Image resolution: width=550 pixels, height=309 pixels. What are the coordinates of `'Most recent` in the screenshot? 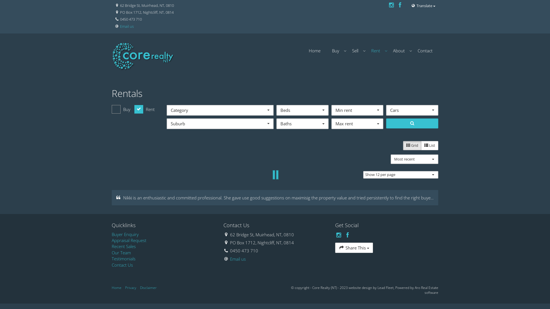 It's located at (414, 159).